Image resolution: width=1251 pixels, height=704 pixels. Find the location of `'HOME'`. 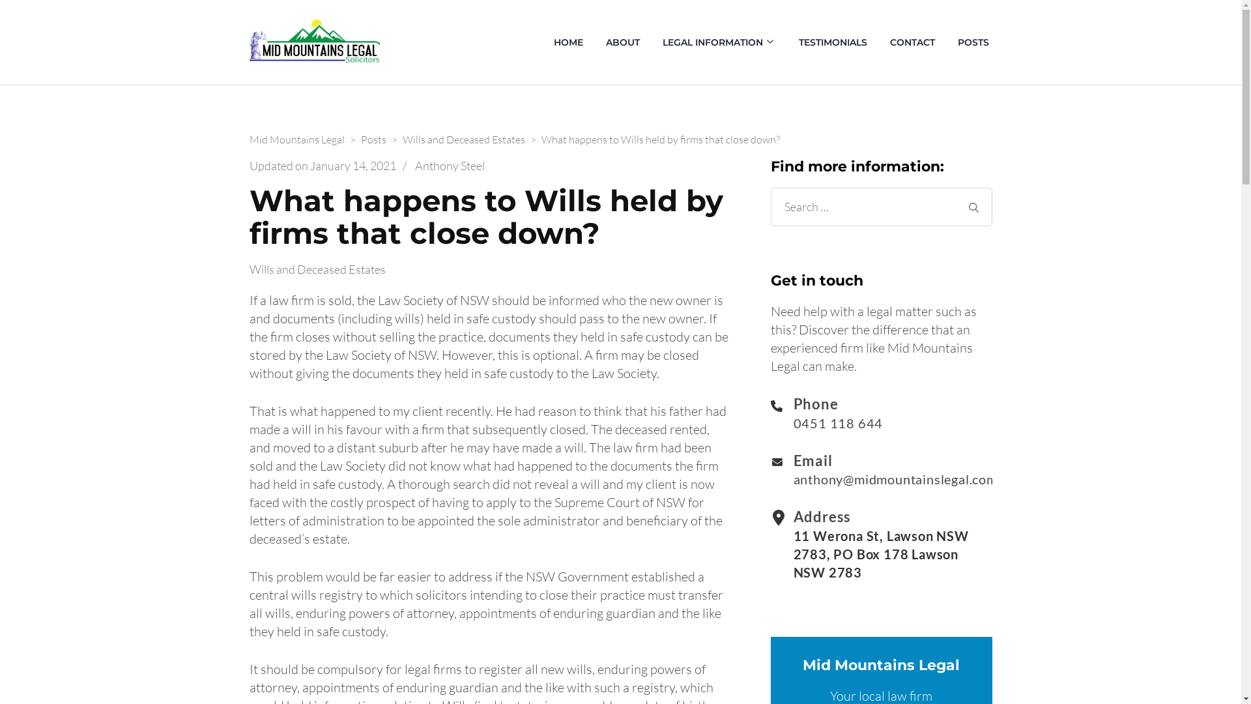

'HOME' is located at coordinates (568, 42).